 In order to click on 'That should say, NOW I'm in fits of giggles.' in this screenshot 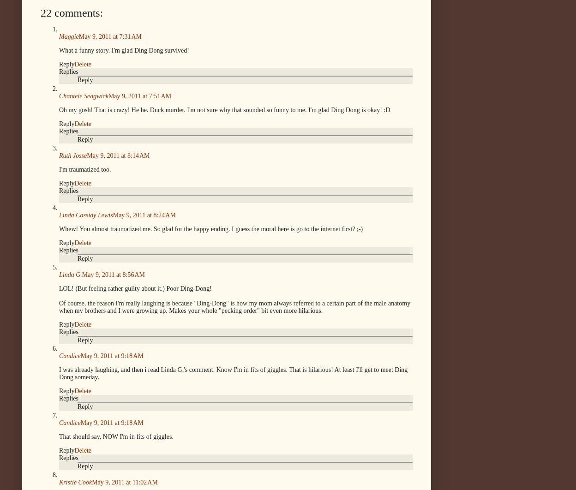, I will do `click(116, 436)`.